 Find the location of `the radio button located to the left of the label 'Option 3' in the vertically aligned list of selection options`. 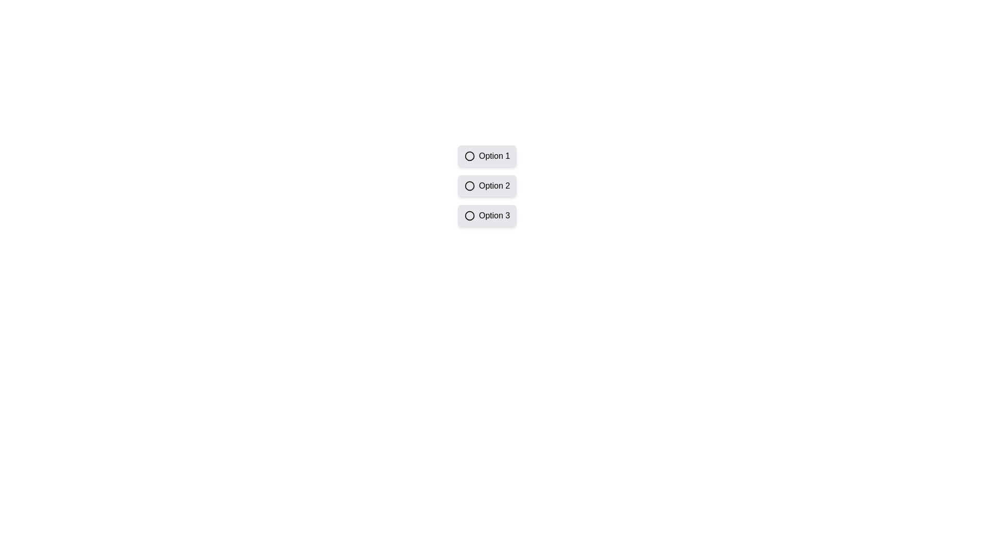

the radio button located to the left of the label 'Option 3' in the vertically aligned list of selection options is located at coordinates (469, 215).